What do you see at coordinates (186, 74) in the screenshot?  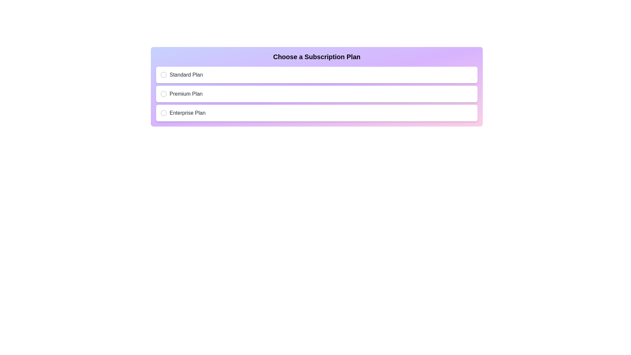 I see `the text label that identifies the first subscription tier option in the vertical list of subscription plans` at bounding box center [186, 74].